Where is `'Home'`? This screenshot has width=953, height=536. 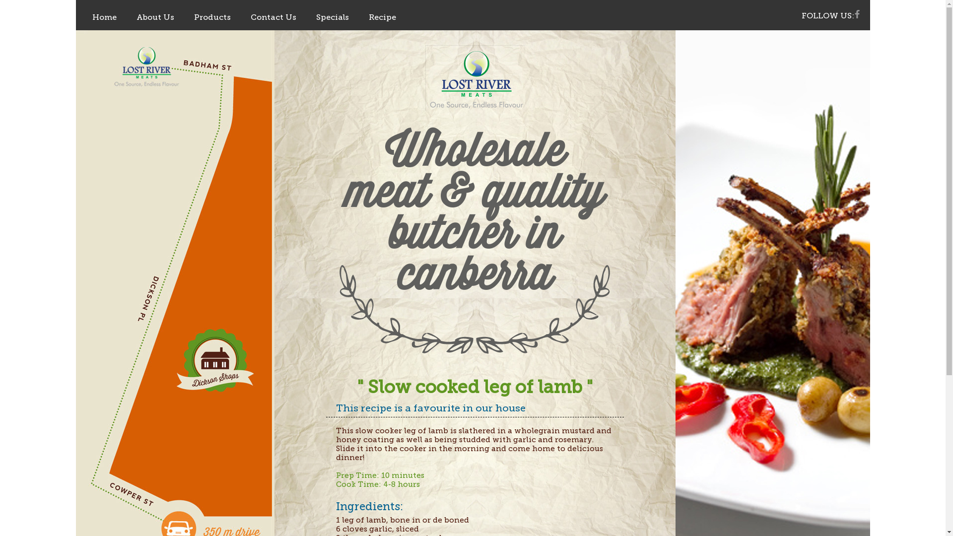 'Home' is located at coordinates (104, 17).